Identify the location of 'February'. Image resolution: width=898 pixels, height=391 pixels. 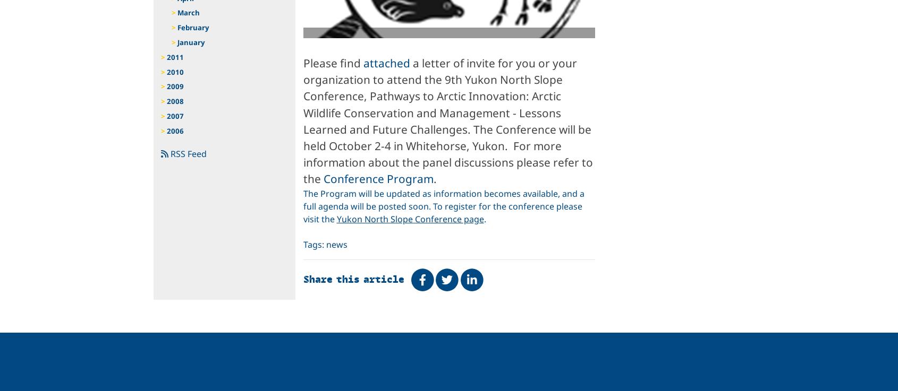
(193, 28).